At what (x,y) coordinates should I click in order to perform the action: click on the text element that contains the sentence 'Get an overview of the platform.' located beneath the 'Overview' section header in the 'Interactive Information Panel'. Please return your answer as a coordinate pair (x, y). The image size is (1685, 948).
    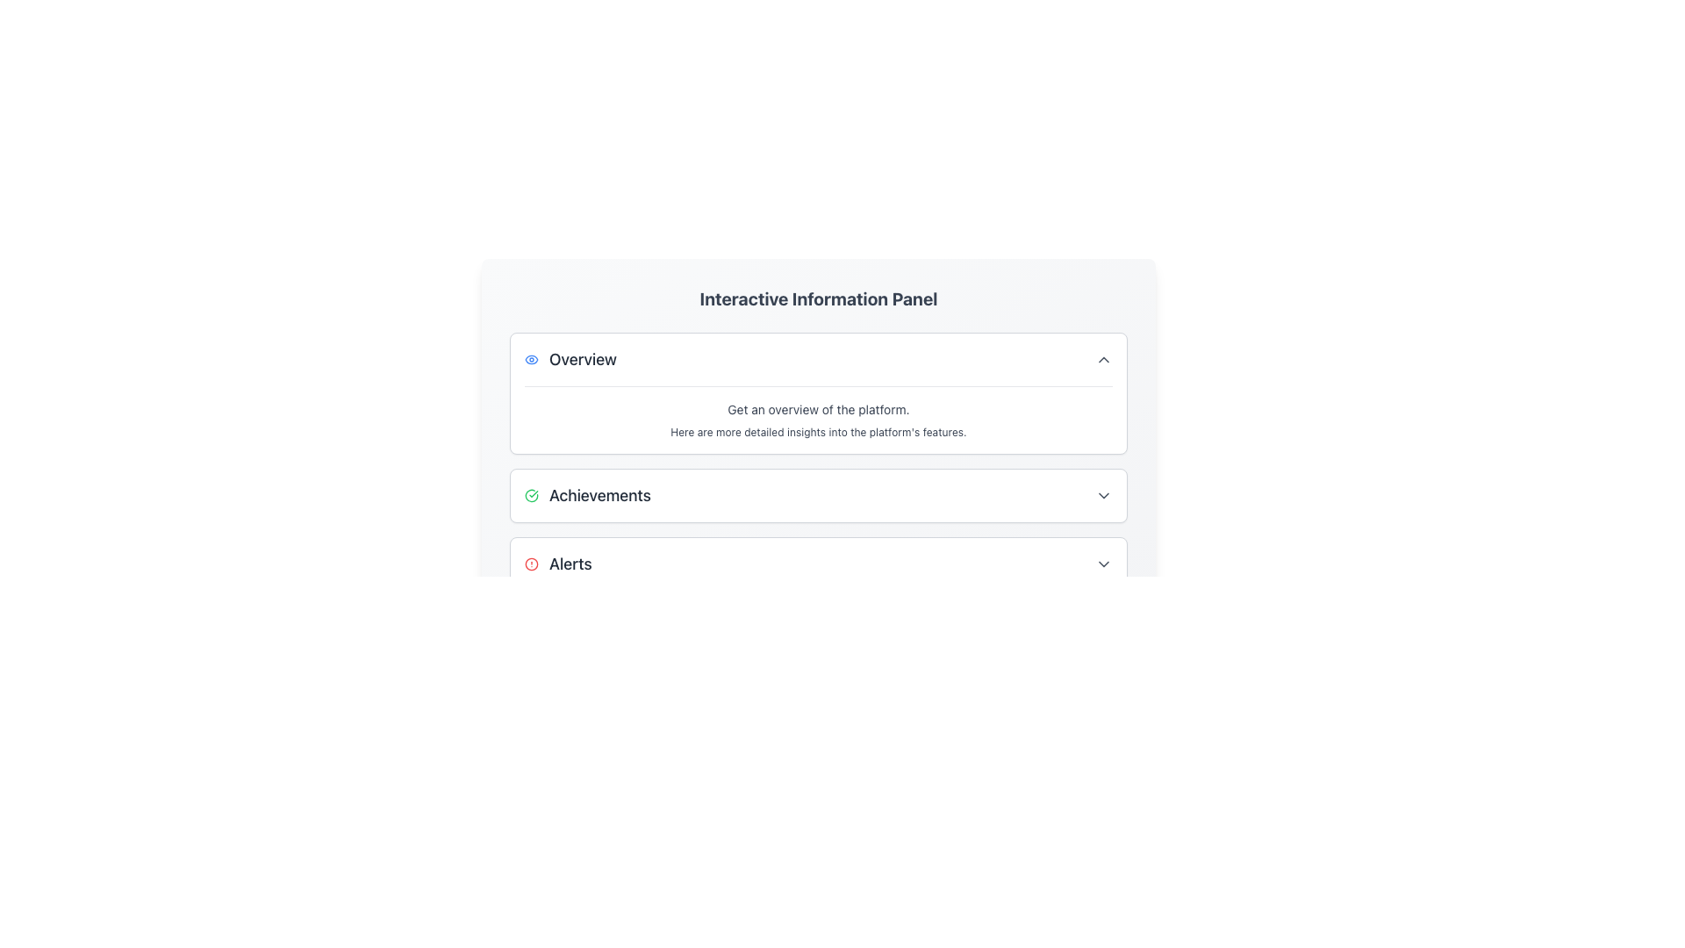
    Looking at the image, I should click on (817, 409).